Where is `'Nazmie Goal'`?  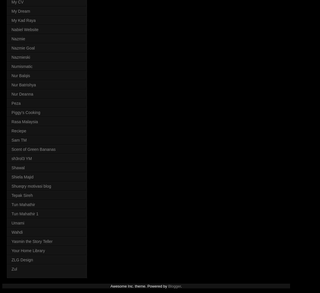
'Nazmie Goal' is located at coordinates (22, 48).